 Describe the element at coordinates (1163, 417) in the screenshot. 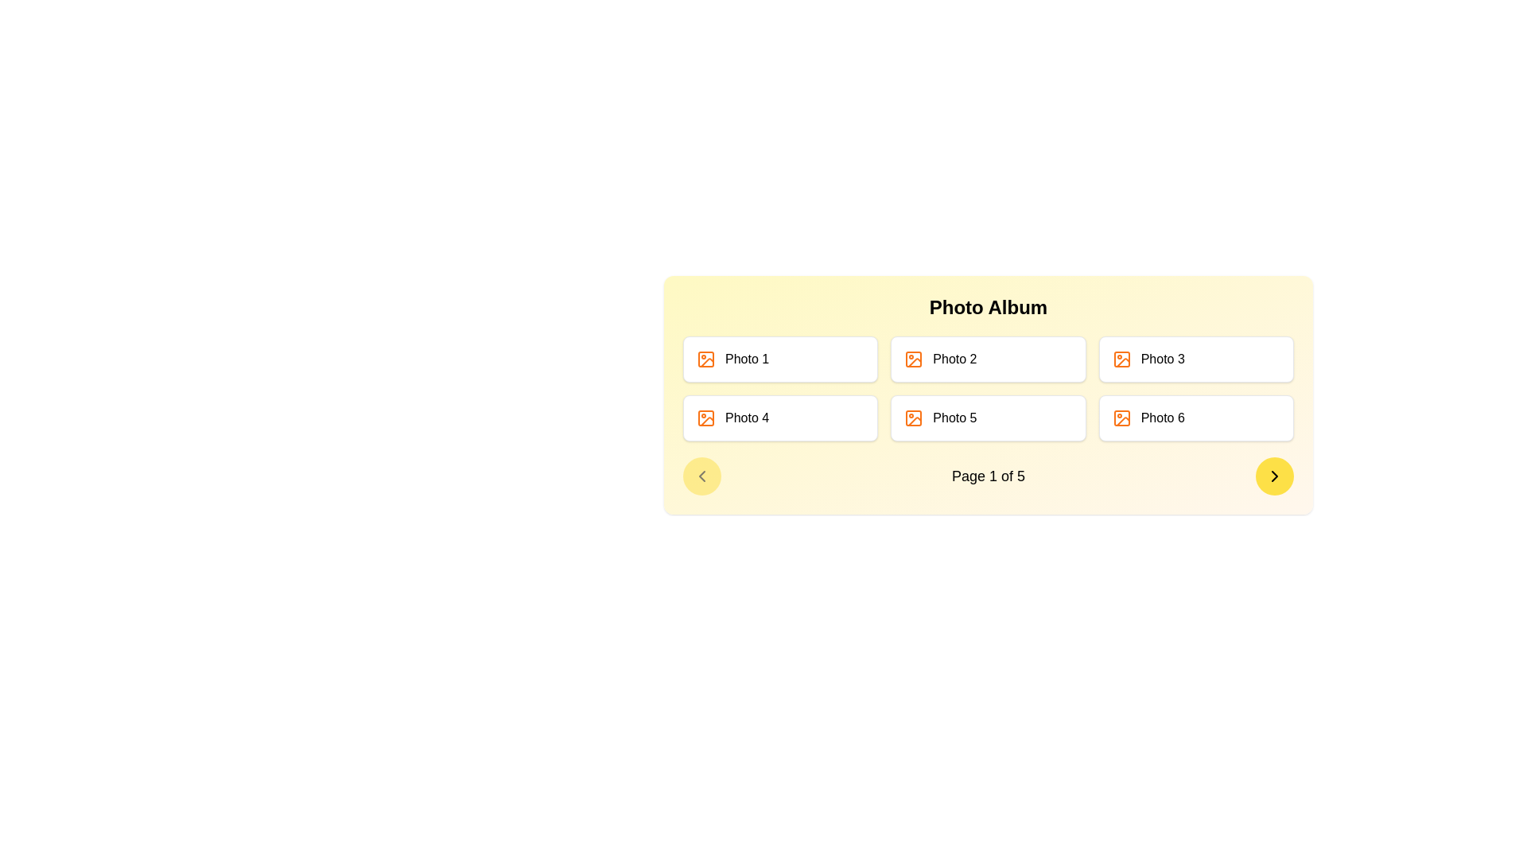

I see `the 'Photo 6' text label, which is styled with a clean sans-serif font in black color and located in the bottom-right card of a photo album interface` at that location.